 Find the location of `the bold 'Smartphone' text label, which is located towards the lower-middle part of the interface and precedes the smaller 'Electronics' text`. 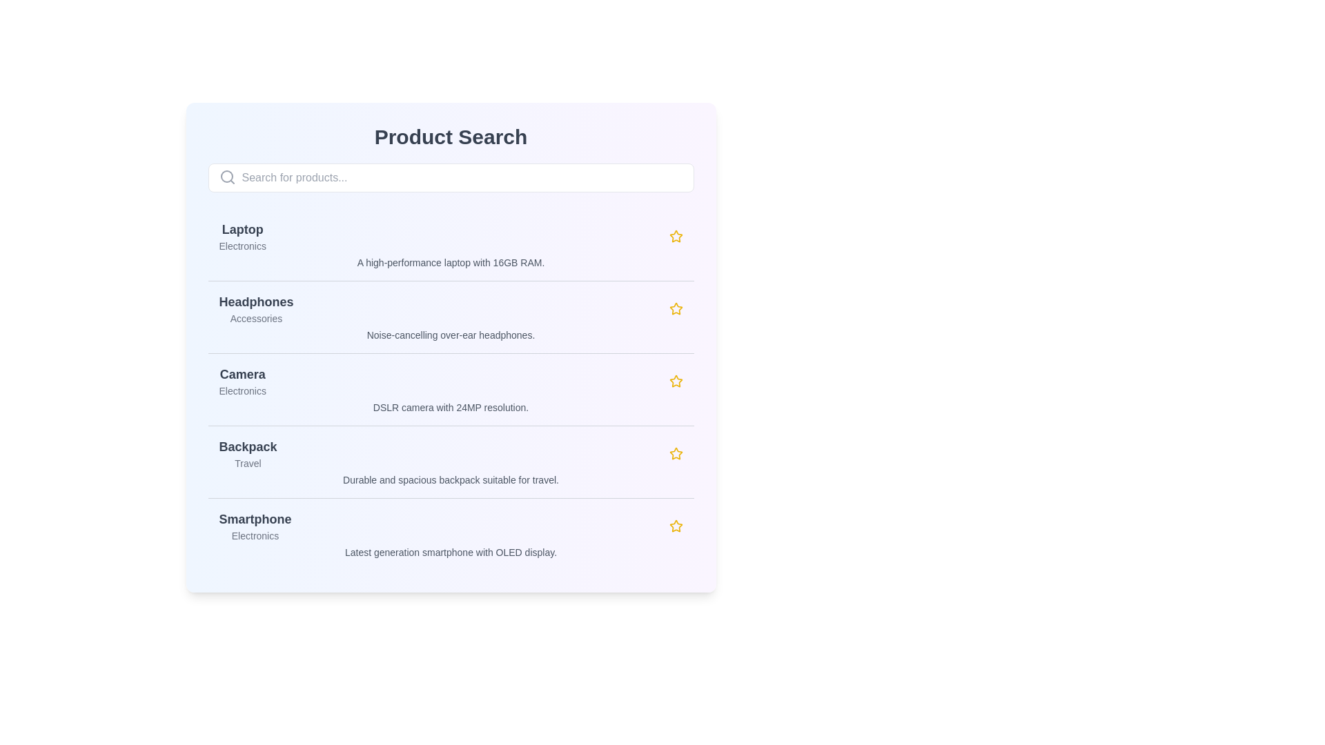

the bold 'Smartphone' text label, which is located towards the lower-middle part of the interface and precedes the smaller 'Electronics' text is located at coordinates (255, 519).